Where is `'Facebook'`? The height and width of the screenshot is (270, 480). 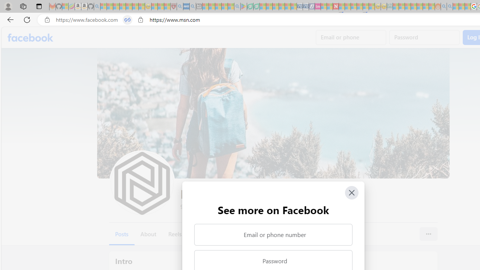
'Facebook' is located at coordinates (30, 37).